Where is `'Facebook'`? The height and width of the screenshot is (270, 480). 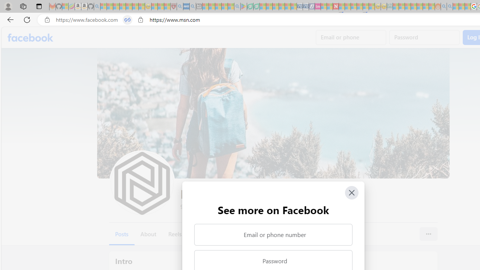
'Facebook' is located at coordinates (30, 37).